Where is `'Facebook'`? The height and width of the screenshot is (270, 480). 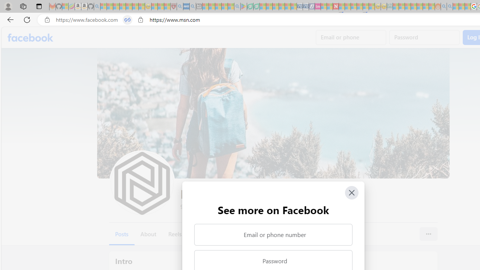
'Facebook' is located at coordinates (30, 37).